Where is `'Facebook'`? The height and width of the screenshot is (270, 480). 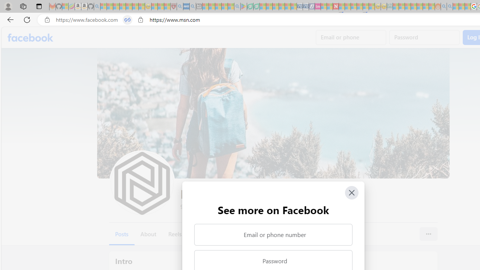
'Facebook' is located at coordinates (30, 37).